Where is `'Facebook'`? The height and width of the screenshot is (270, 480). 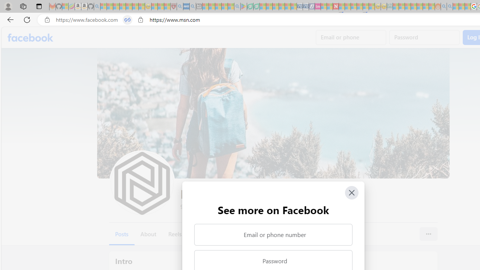
'Facebook' is located at coordinates (30, 37).